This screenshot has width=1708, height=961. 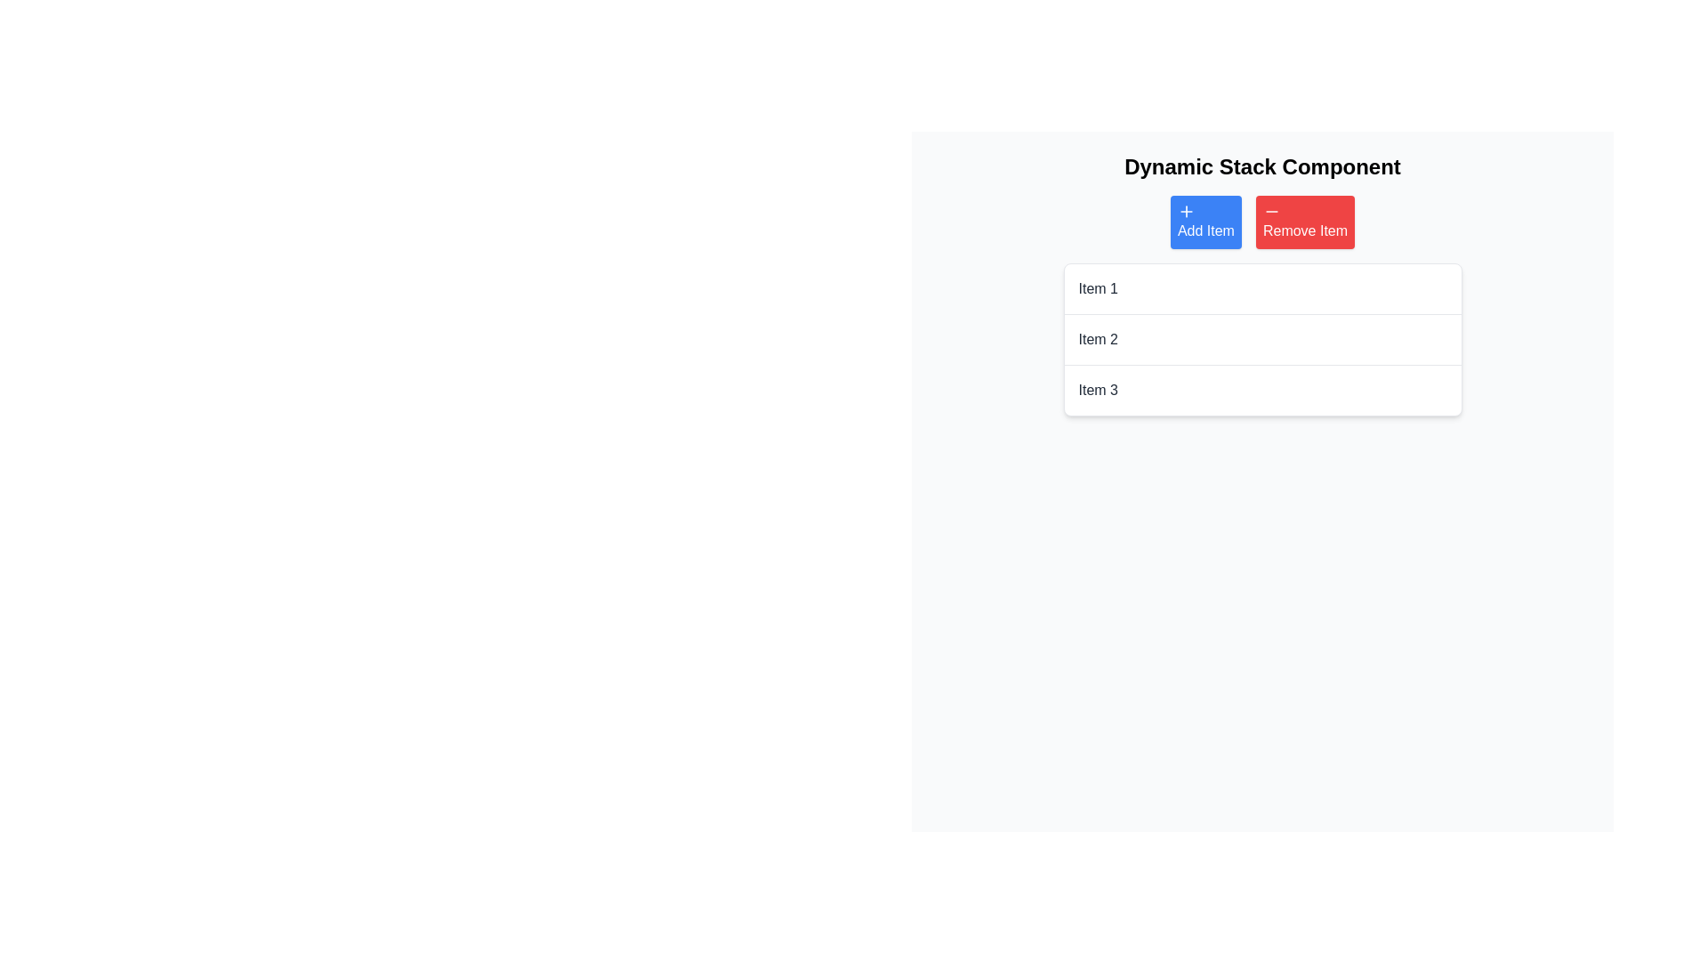 What do you see at coordinates (1305, 222) in the screenshot?
I see `the remove item button located to the right of the blue 'Add Item' button in the top-center portion of the interface` at bounding box center [1305, 222].